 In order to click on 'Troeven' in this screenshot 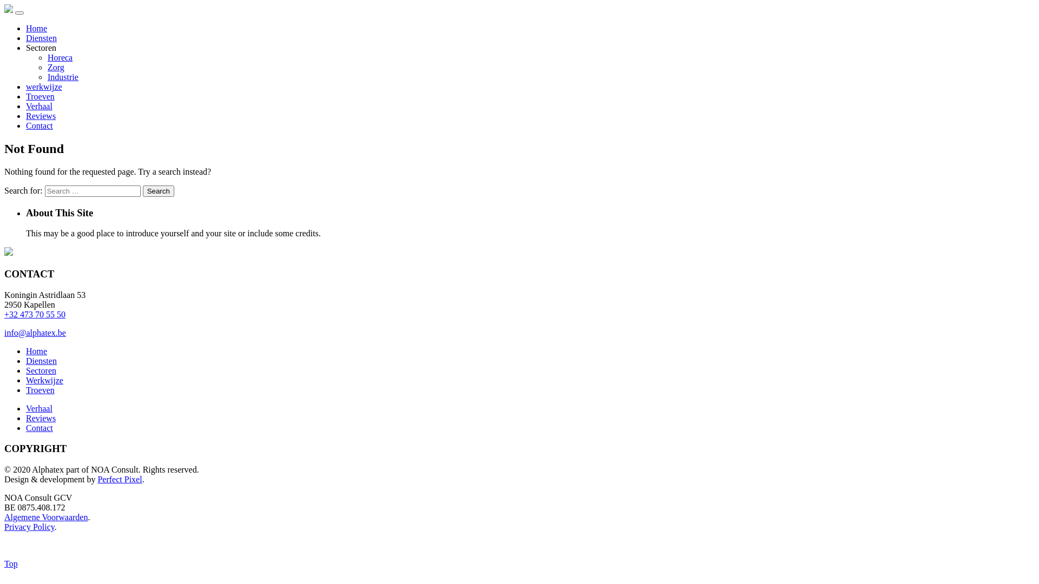, I will do `click(40, 96)`.